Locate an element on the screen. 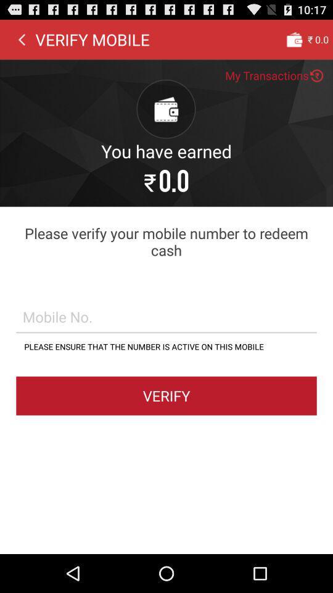 This screenshot has width=333, height=593. the button having the text verify is located at coordinates (166, 395).